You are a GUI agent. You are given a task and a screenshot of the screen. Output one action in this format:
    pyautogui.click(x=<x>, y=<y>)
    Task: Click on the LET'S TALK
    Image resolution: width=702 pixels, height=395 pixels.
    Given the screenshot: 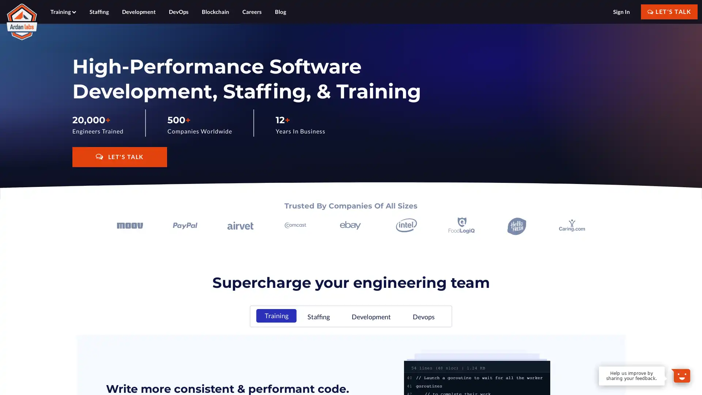 What is the action you would take?
    pyautogui.click(x=119, y=157)
    